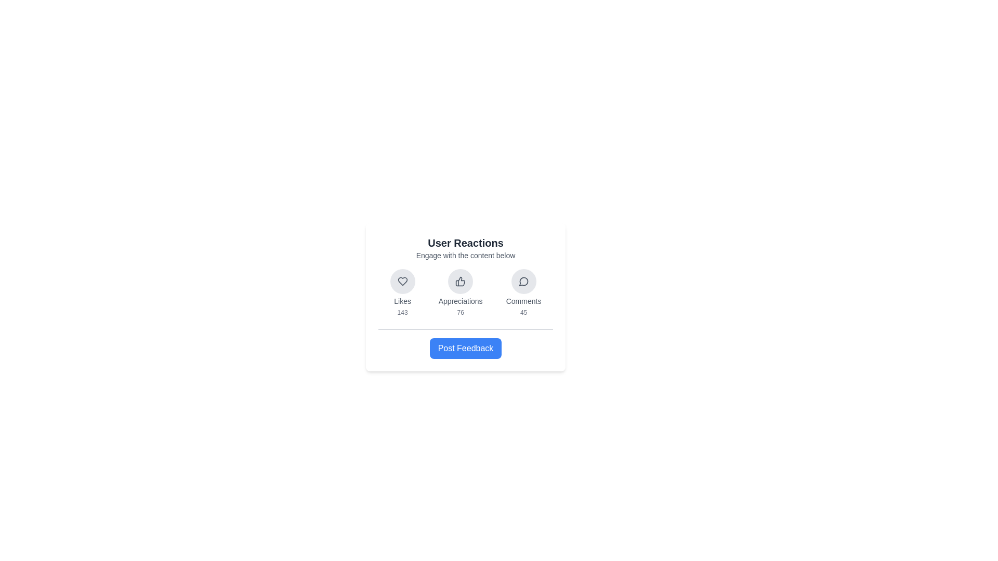  What do you see at coordinates (460, 282) in the screenshot?
I see `the appreciation button located at the center of the 'User Reactions' section` at bounding box center [460, 282].